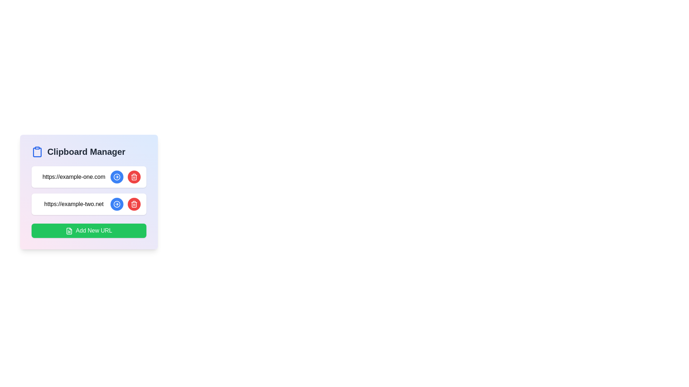 The width and height of the screenshot is (689, 387). I want to click on the circular red button with a white trash icon, located to the right of the first URL entry in the Clipboard Manager interface, so click(134, 177).